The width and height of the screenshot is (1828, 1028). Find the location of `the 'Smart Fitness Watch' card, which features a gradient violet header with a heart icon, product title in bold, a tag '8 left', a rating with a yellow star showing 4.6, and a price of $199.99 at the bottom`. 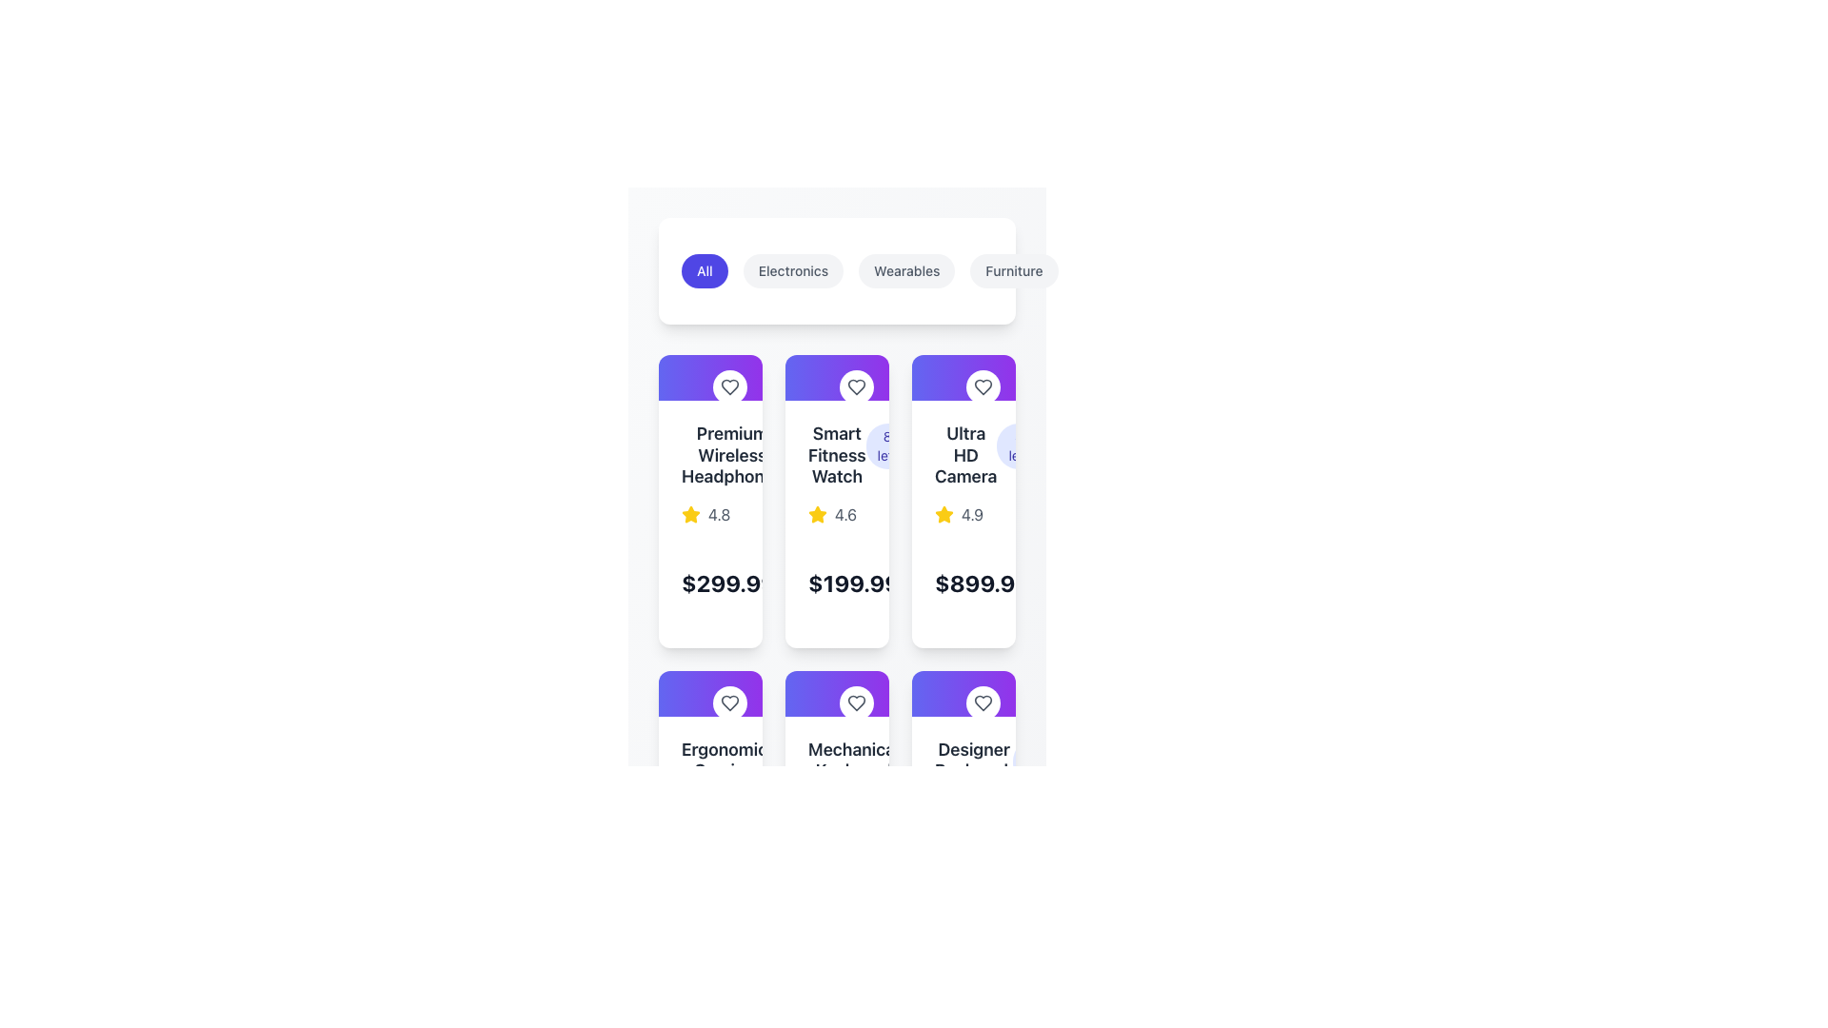

the 'Smart Fitness Watch' card, which features a gradient violet header with a heart icon, product title in bold, a tag '8 left', a rating with a yellow star showing 4.6, and a price of $199.99 at the bottom is located at coordinates (837, 500).